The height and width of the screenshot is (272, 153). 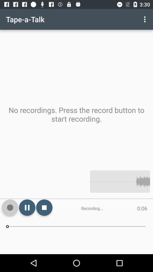 I want to click on icon next to recording..., so click(x=44, y=207).